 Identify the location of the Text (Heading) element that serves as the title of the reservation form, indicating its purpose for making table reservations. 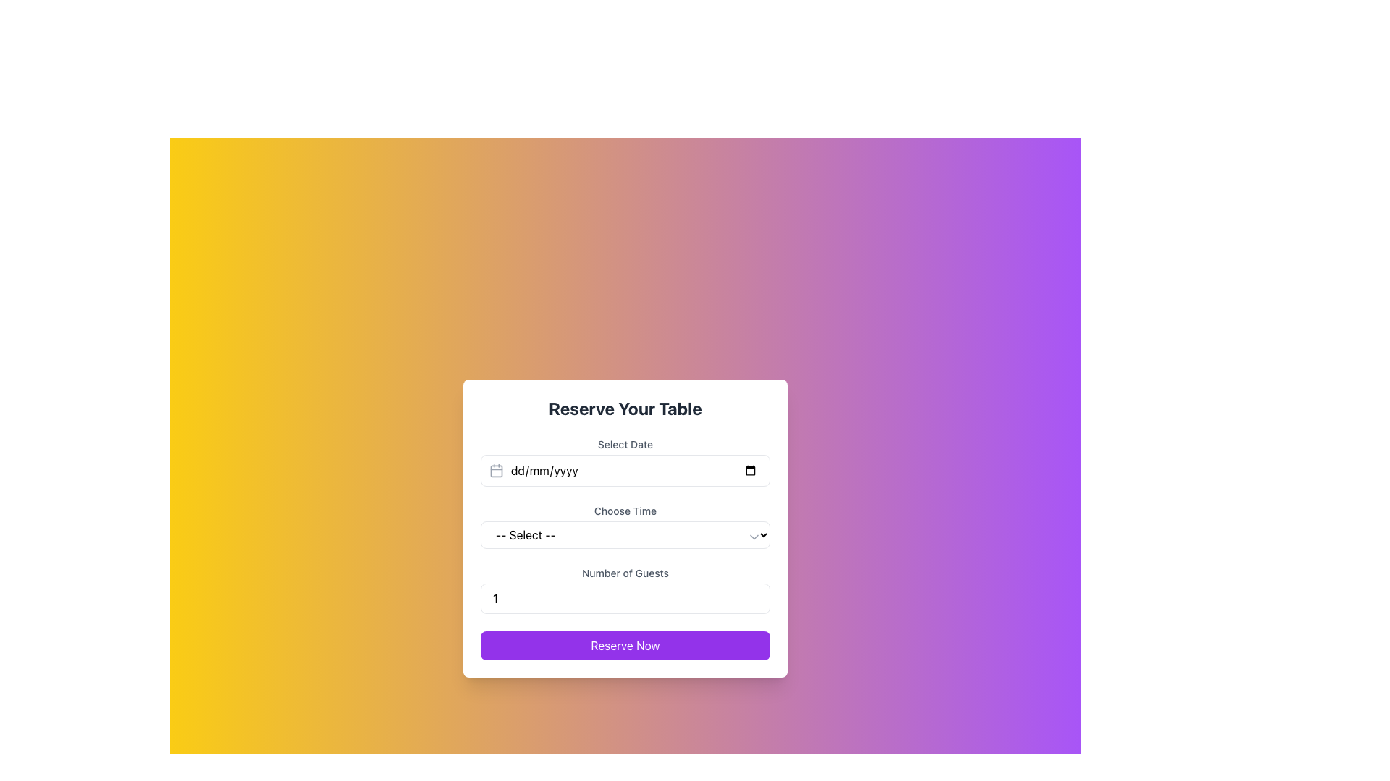
(625, 408).